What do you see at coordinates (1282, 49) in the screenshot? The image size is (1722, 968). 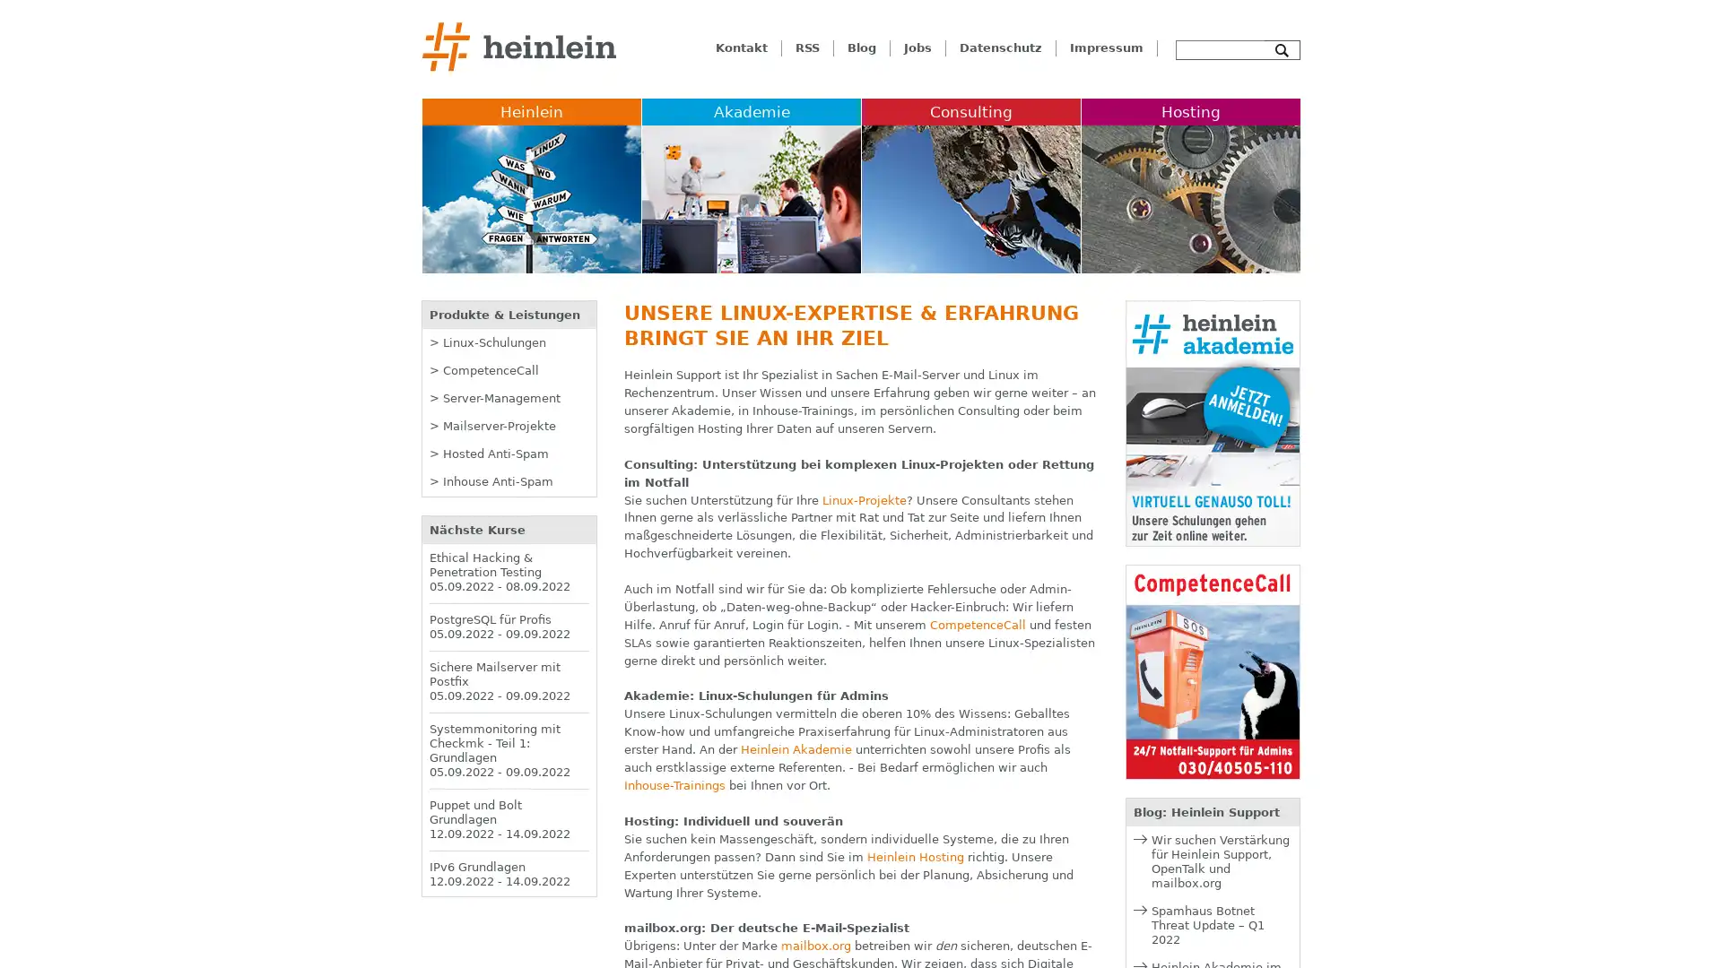 I see `Suche` at bounding box center [1282, 49].